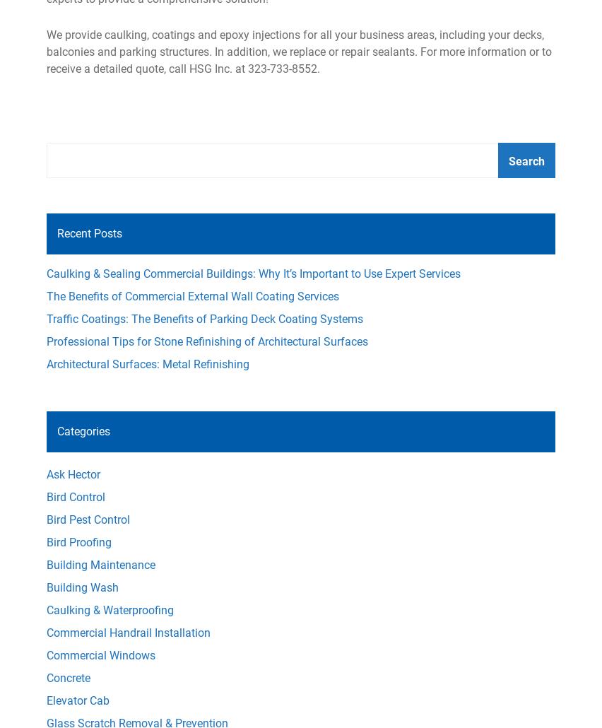 The image size is (602, 728). What do you see at coordinates (253, 273) in the screenshot?
I see `'Caulking & Sealing Commercial Buildings: Why It’s Important to Use Expert Services'` at bounding box center [253, 273].